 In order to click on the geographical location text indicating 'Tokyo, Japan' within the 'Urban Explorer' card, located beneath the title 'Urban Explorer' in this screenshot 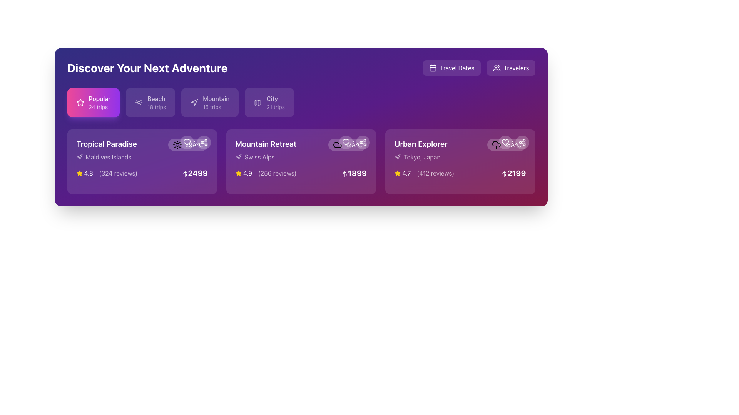, I will do `click(420, 156)`.